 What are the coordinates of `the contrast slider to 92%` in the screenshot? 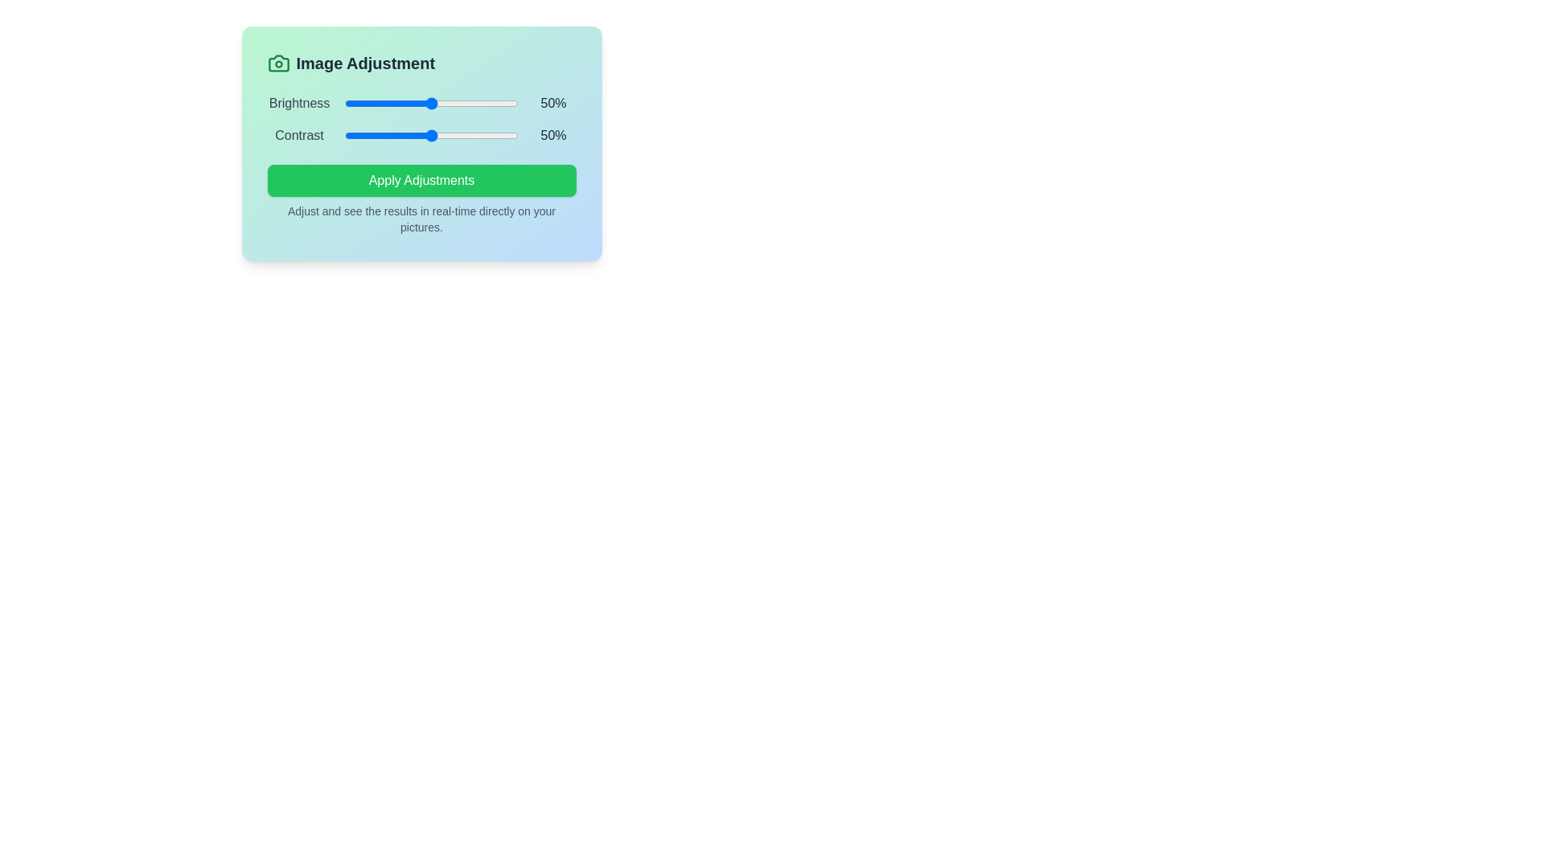 It's located at (503, 135).